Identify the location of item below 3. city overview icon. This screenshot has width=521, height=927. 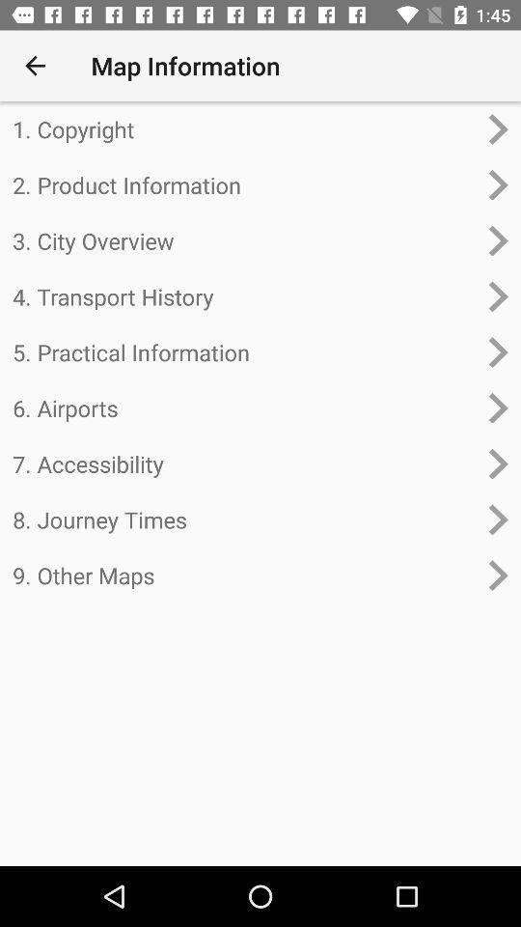
(244, 296).